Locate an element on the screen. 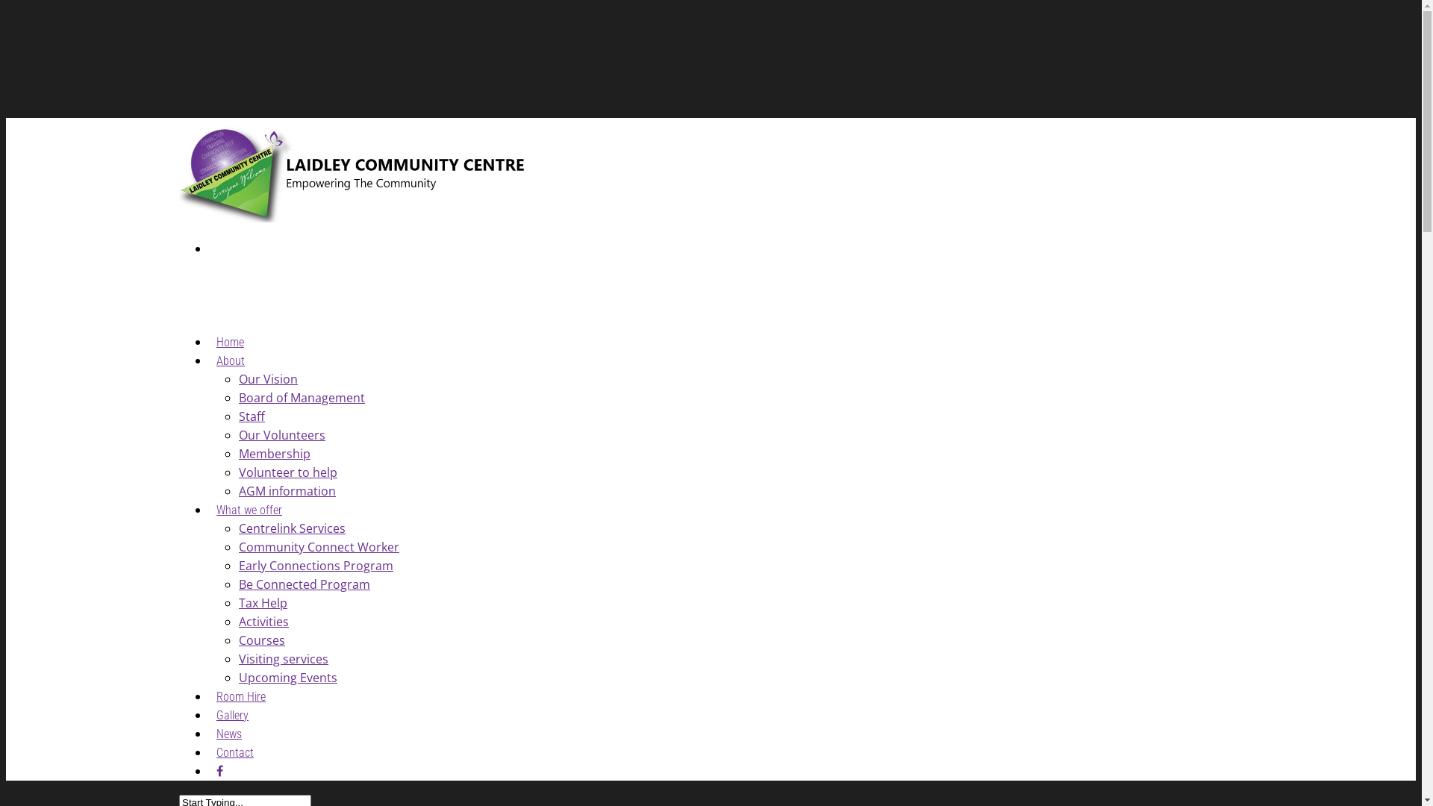  'Courses' is located at coordinates (261, 639).